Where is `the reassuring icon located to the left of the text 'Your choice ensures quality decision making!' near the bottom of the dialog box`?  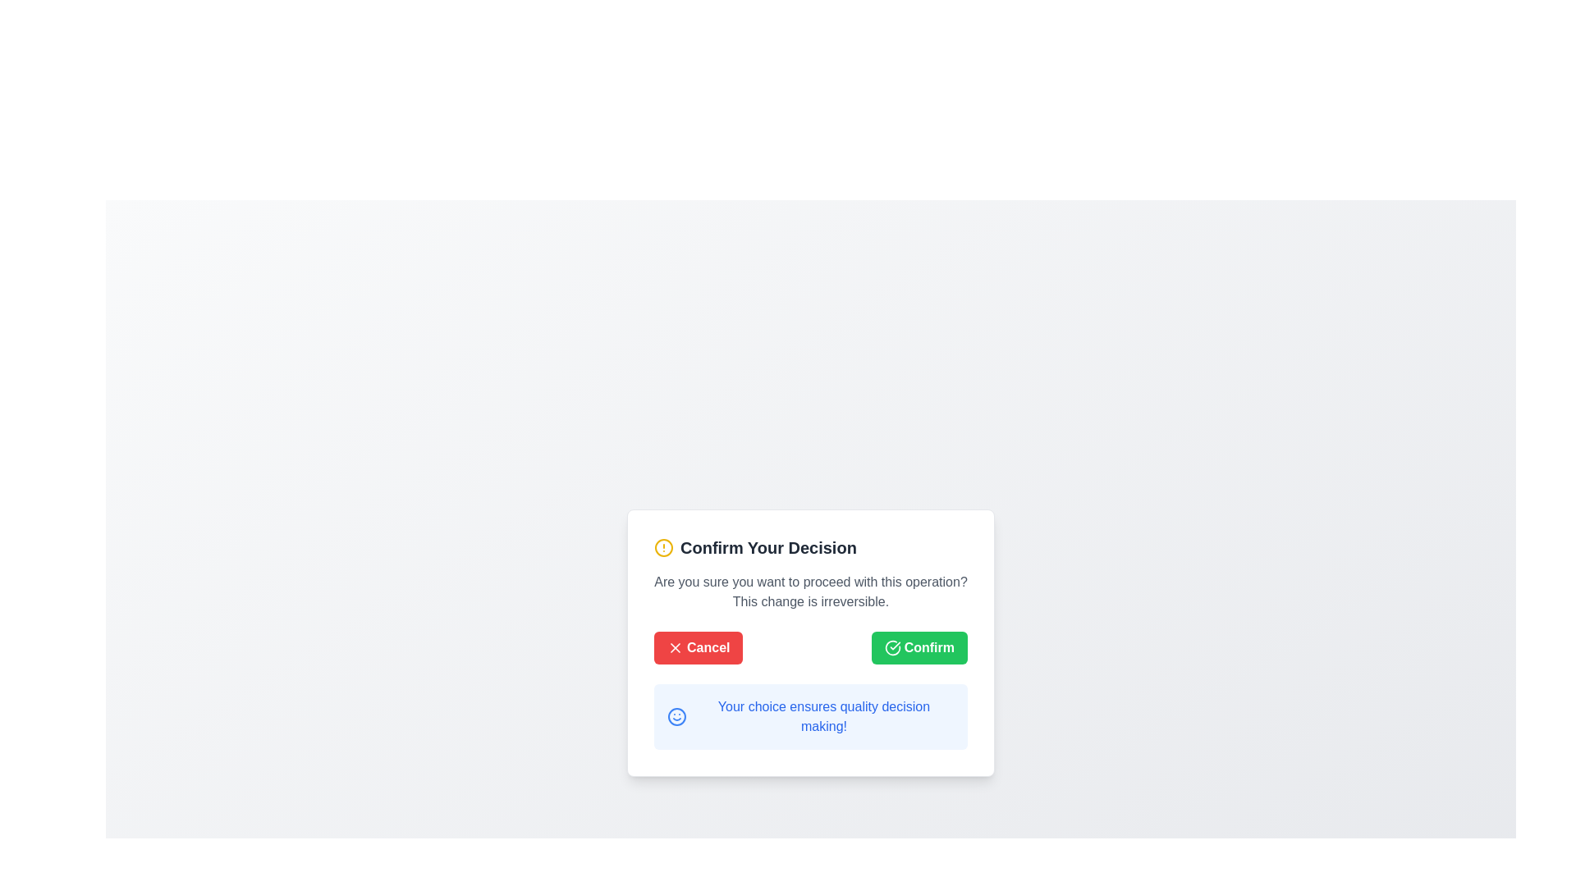
the reassuring icon located to the left of the text 'Your choice ensures quality decision making!' near the bottom of the dialog box is located at coordinates (677, 716).